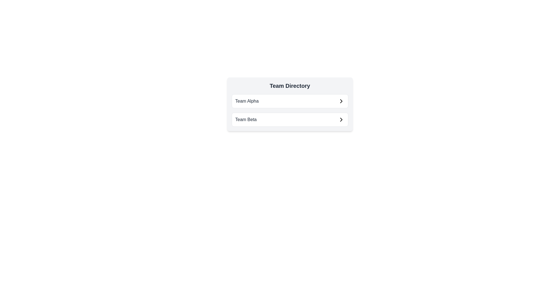 The image size is (538, 302). Describe the element at coordinates (341, 101) in the screenshot. I see `the Chevron icon (SVG graphic) located at the top right corner of the 'Team Alpha' row in the Team Directory UI` at that location.